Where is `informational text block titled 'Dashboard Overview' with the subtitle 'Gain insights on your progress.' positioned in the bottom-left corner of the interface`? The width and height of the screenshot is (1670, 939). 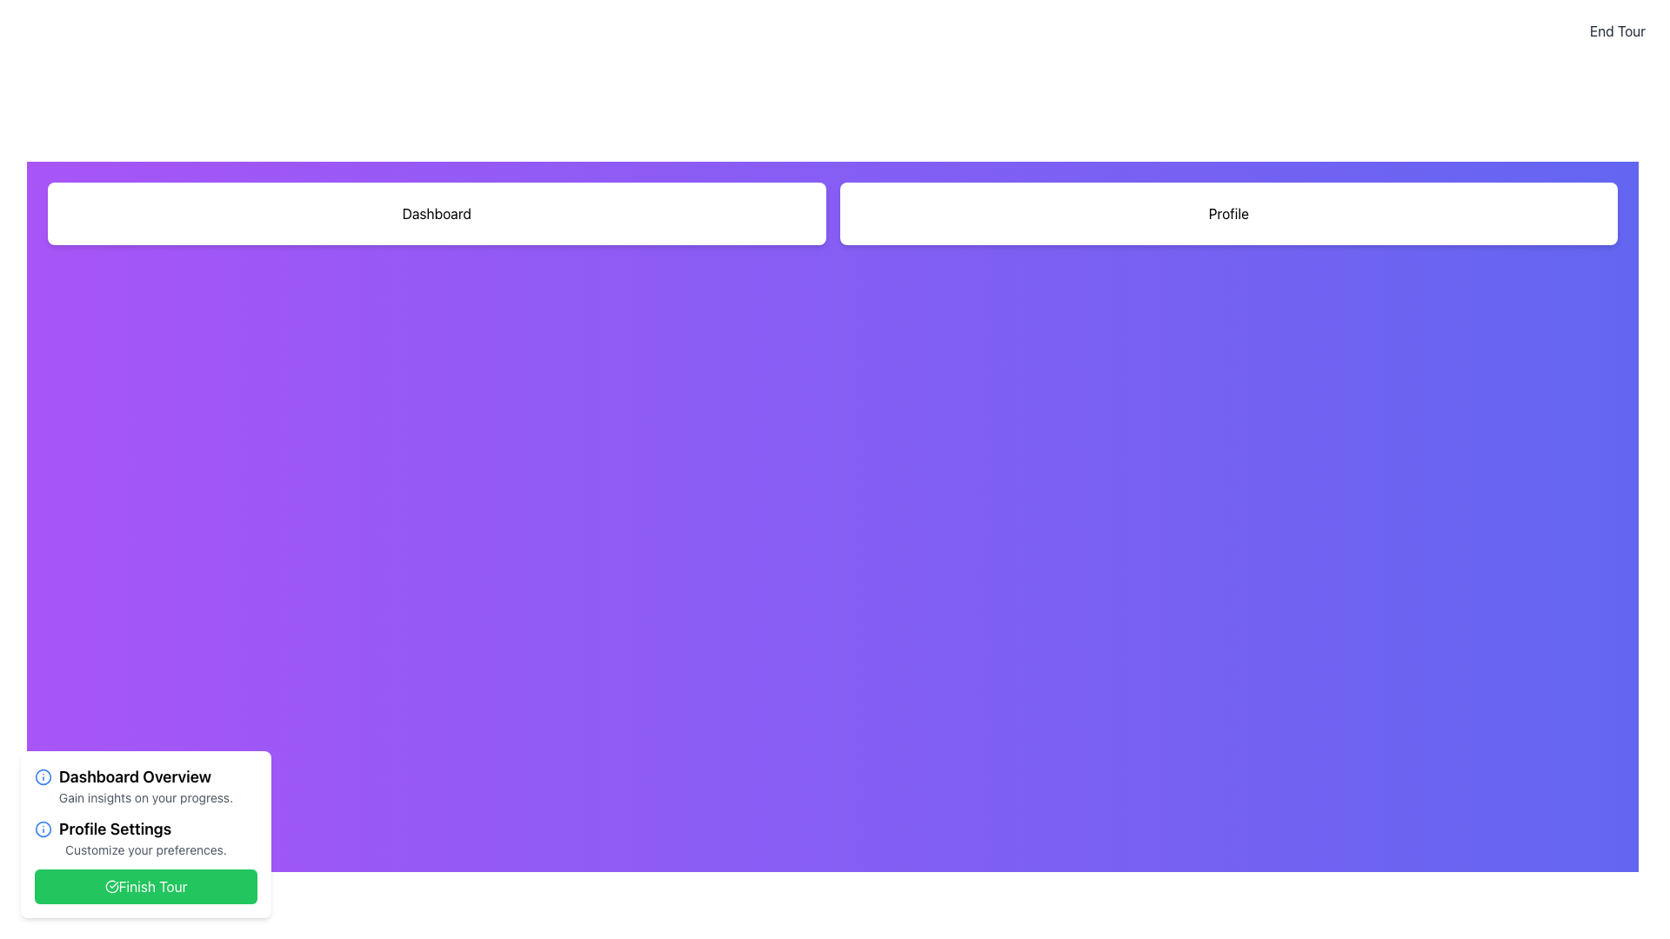
informational text block titled 'Dashboard Overview' with the subtitle 'Gain insights on your progress.' positioned in the bottom-left corner of the interface is located at coordinates (146, 785).